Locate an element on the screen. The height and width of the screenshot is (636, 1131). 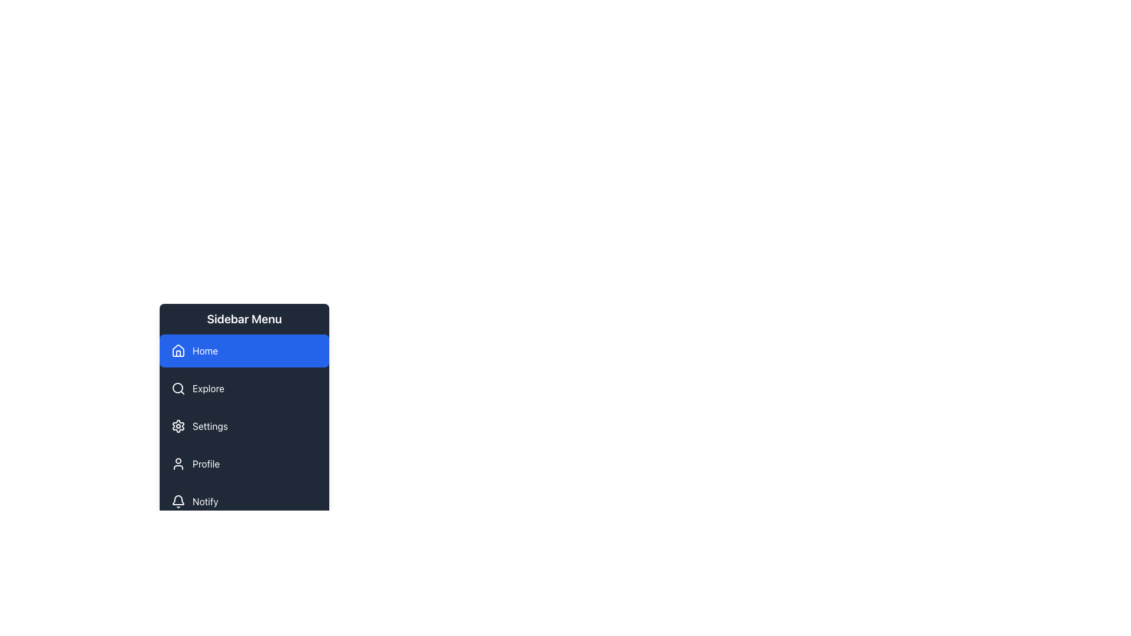
the 'Sidebar Menu' label, which is a bold, large white text header positioned at the top of a dark rounded sidebar is located at coordinates (243, 319).